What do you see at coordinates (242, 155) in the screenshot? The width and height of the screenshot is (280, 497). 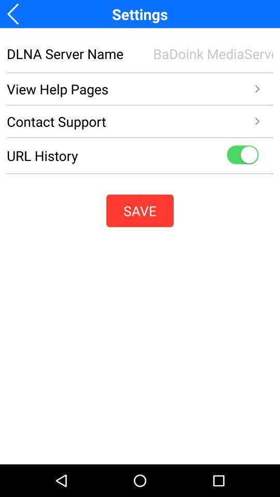 I see `show url histoty` at bounding box center [242, 155].